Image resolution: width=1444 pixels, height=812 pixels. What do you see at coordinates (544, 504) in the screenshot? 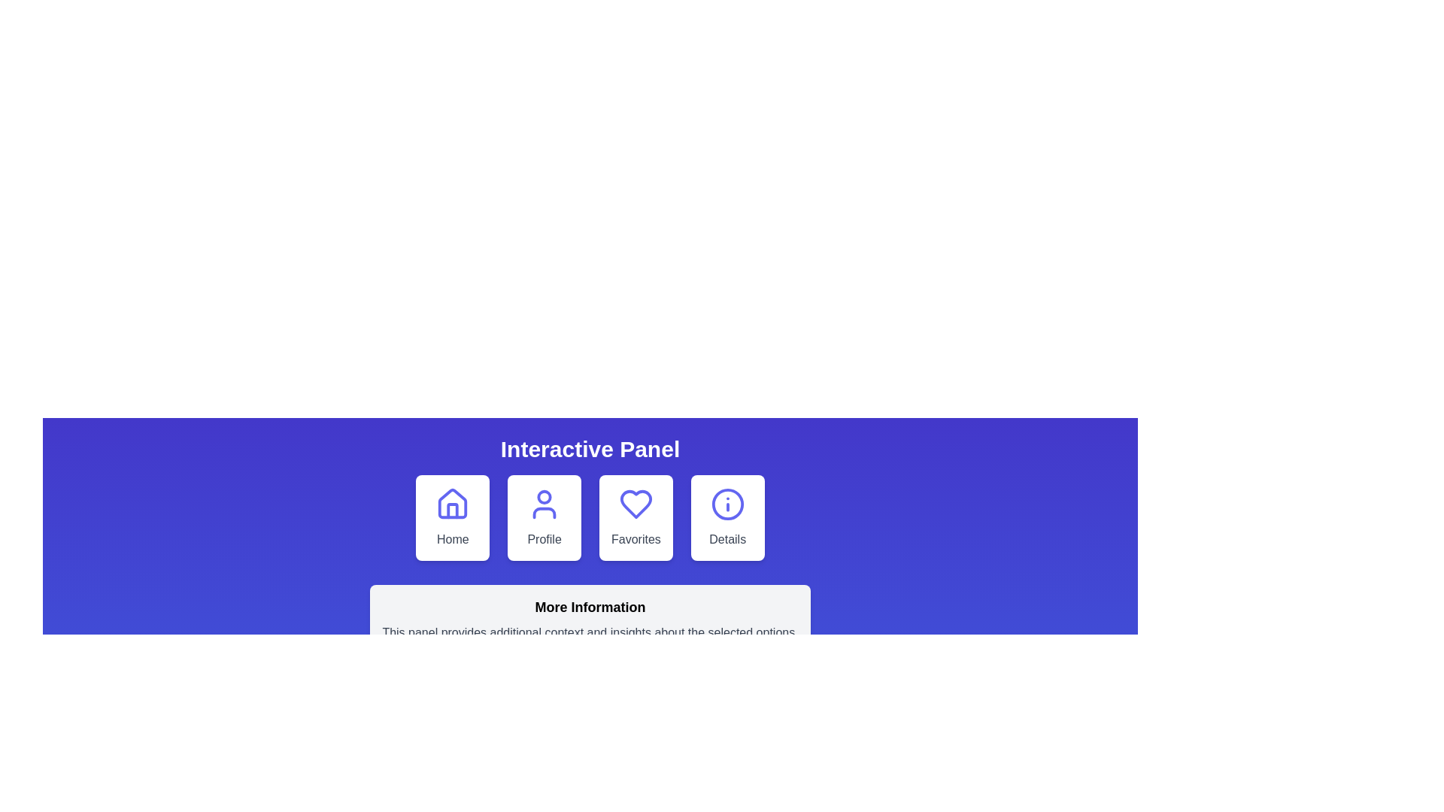
I see `the user profile icon located in the second card labeled 'Profile'` at bounding box center [544, 504].